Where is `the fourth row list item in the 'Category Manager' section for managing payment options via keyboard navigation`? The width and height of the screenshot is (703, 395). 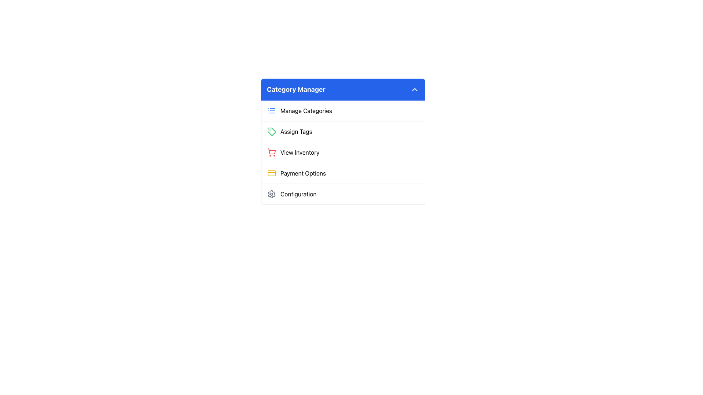 the fourth row list item in the 'Category Manager' section for managing payment options via keyboard navigation is located at coordinates (342, 173).